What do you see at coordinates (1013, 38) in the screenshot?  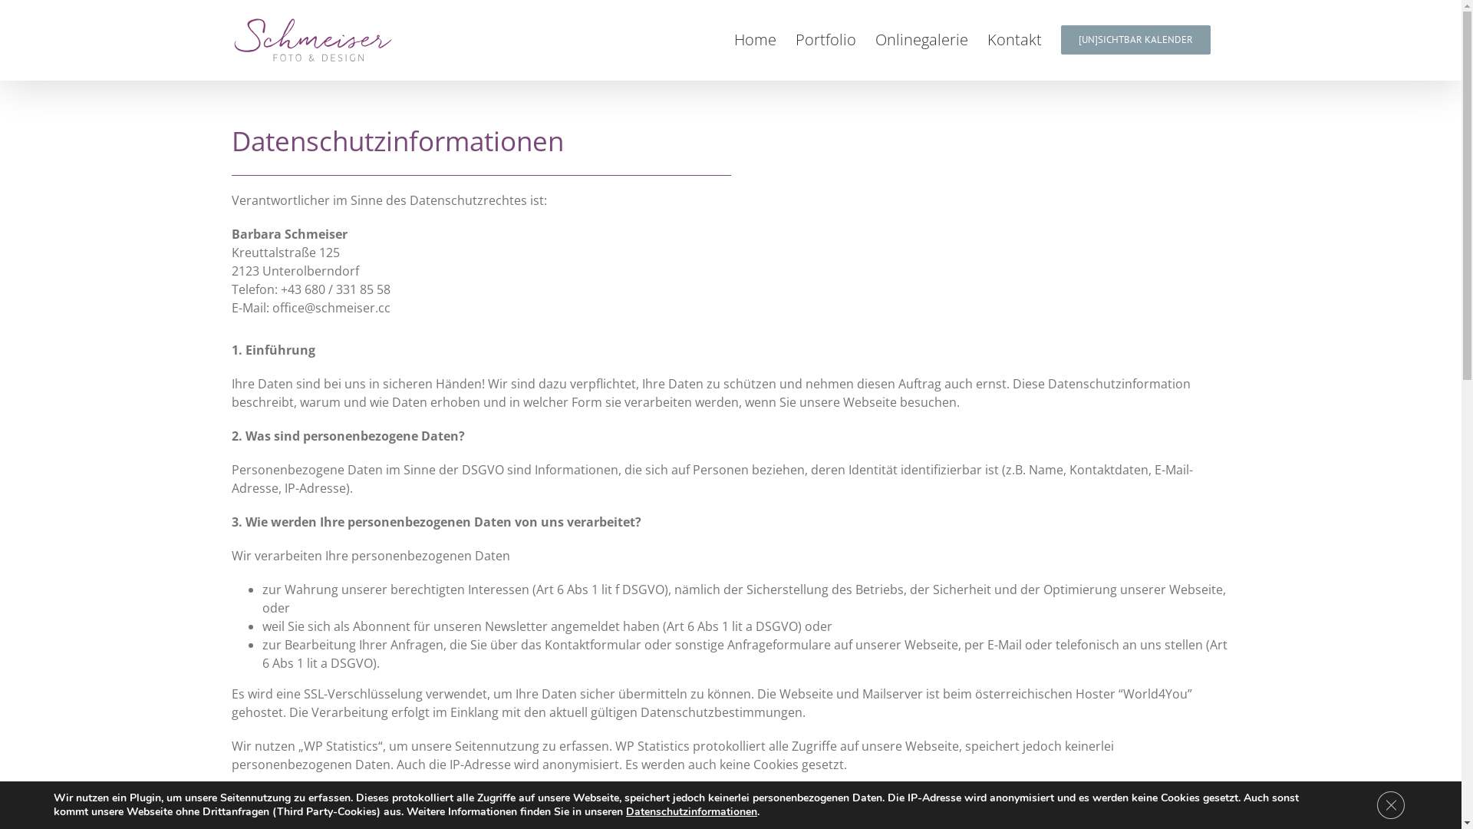 I see `'Kontakt'` at bounding box center [1013, 38].